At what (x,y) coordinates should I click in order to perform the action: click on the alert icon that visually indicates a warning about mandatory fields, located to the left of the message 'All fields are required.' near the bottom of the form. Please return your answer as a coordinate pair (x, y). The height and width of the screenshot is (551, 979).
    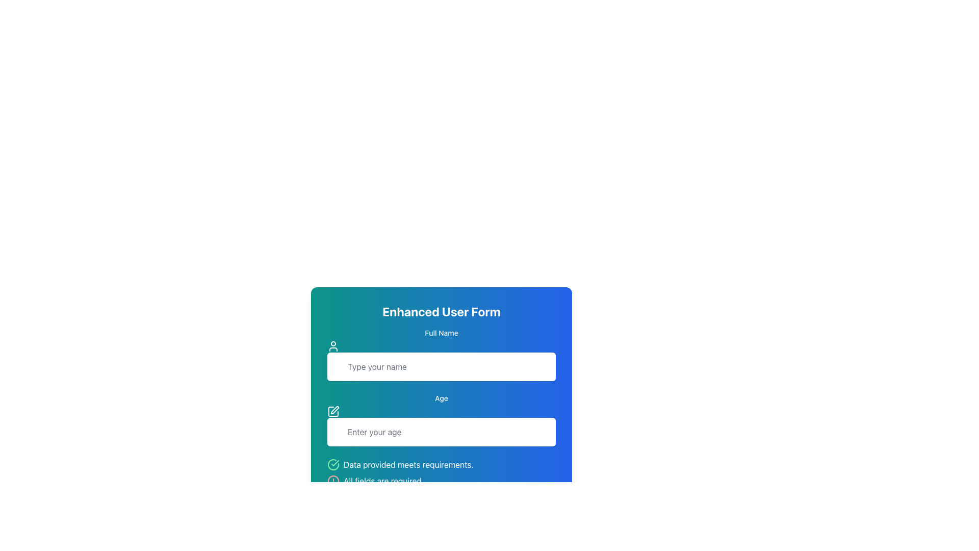
    Looking at the image, I should click on (333, 481).